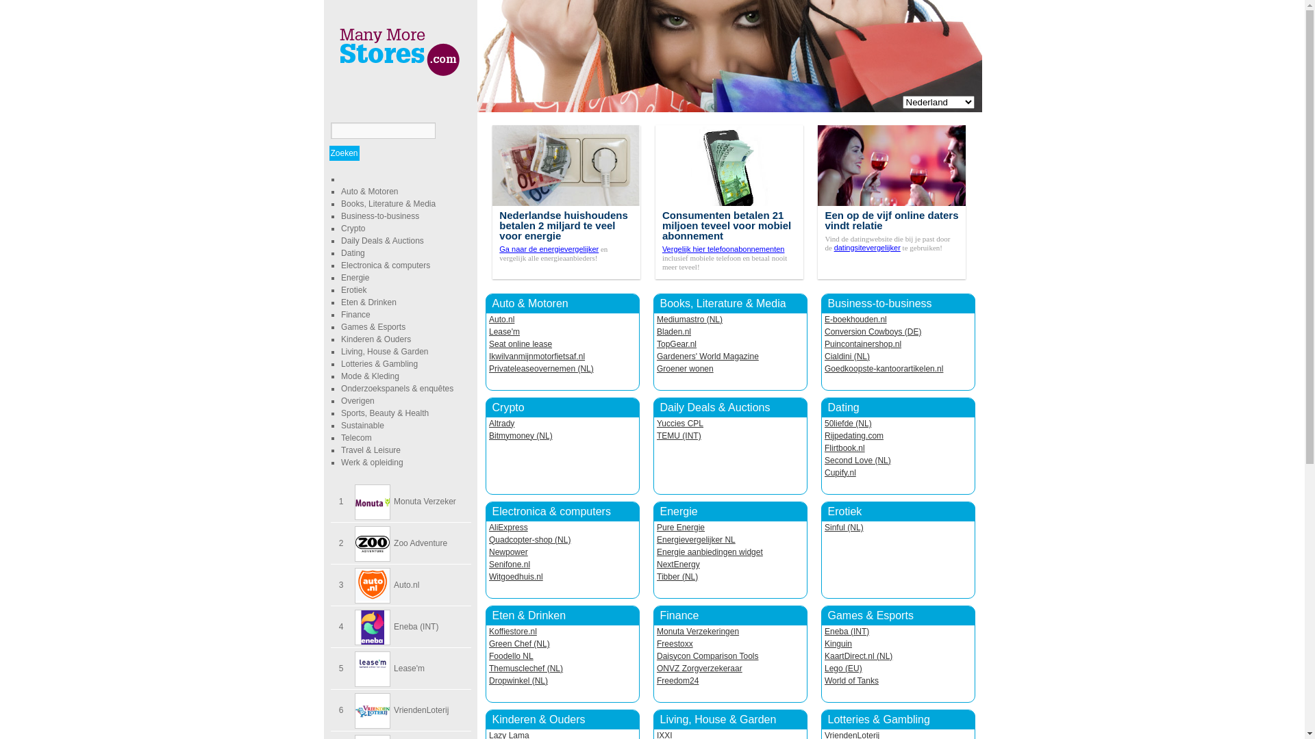 The width and height of the screenshot is (1315, 739). What do you see at coordinates (393, 543) in the screenshot?
I see `'Zoo Adventure'` at bounding box center [393, 543].